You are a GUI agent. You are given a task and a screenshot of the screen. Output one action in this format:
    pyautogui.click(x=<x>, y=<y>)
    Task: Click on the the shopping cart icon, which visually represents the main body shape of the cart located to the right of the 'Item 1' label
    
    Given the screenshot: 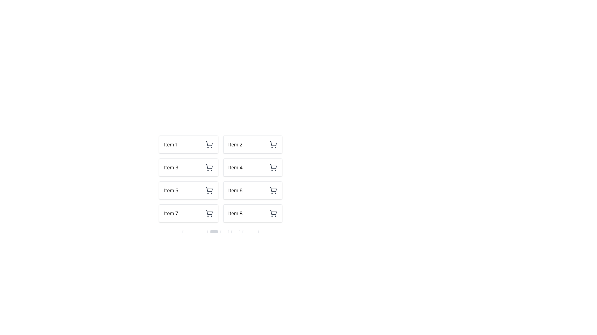 What is the action you would take?
    pyautogui.click(x=209, y=144)
    